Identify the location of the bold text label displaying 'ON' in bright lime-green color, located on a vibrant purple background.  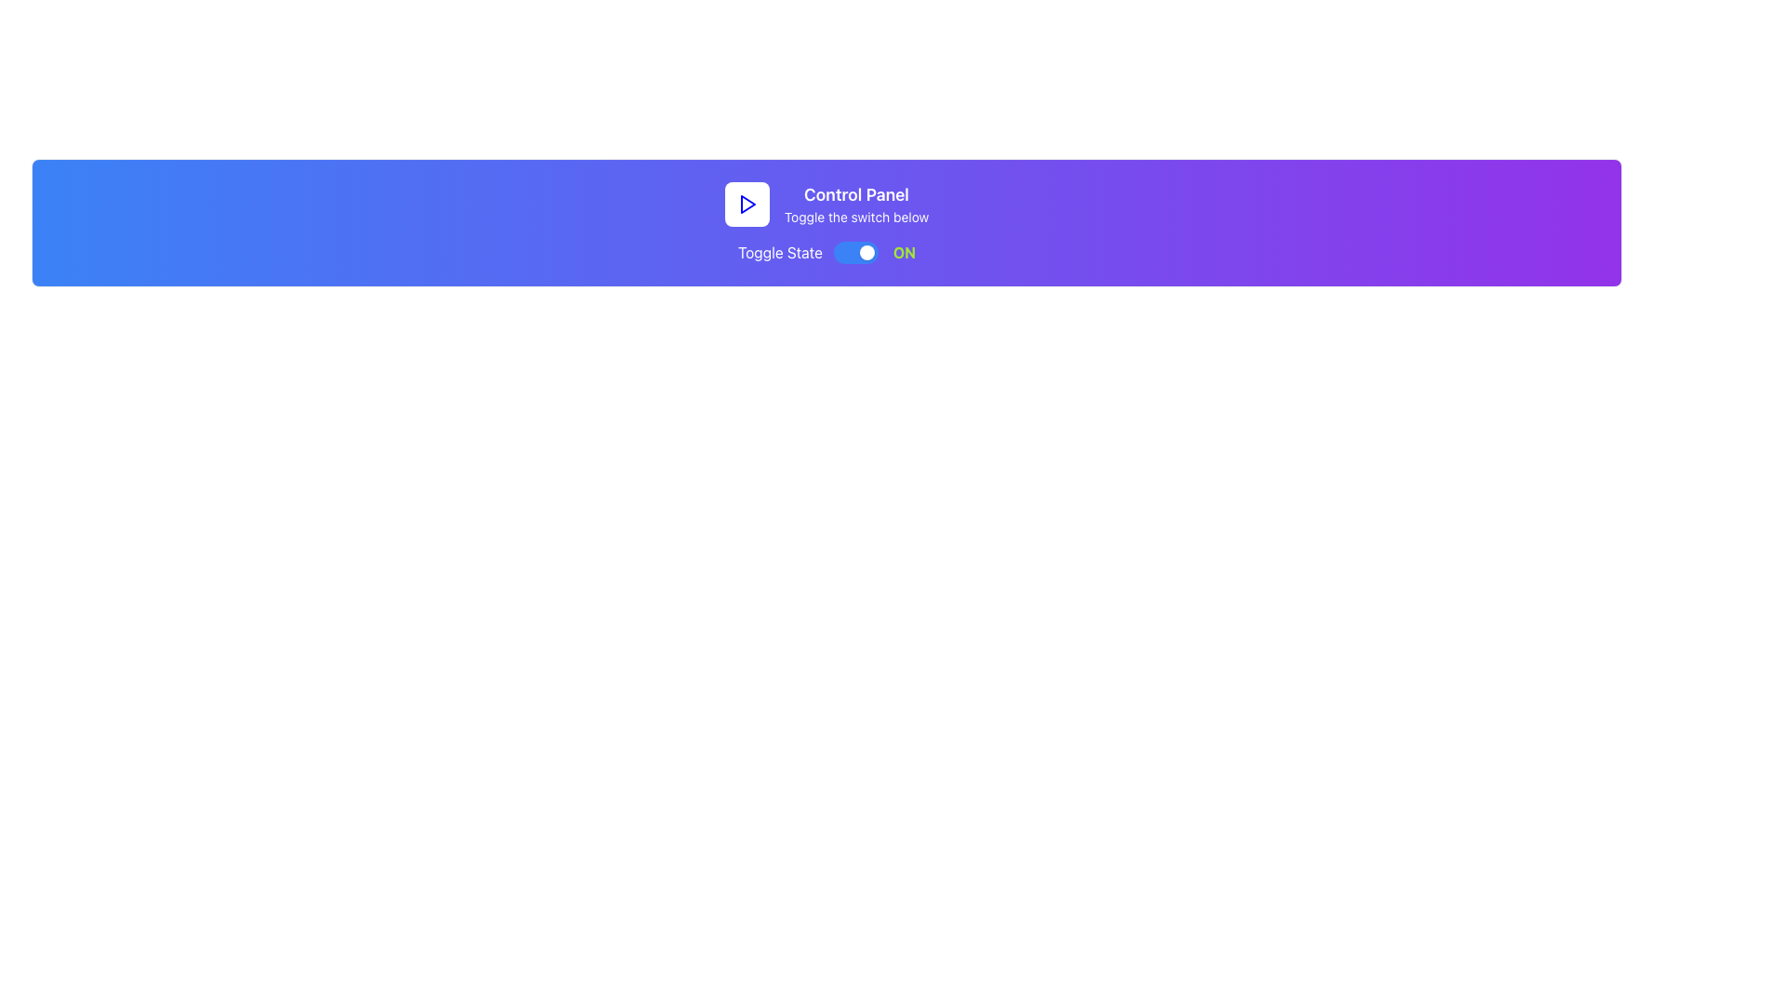
(905, 253).